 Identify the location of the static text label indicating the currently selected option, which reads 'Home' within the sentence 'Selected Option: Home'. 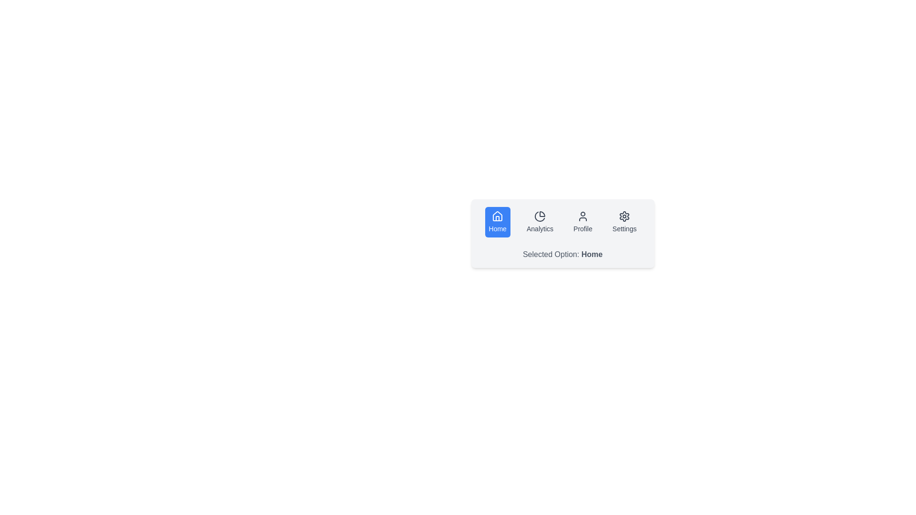
(591, 254).